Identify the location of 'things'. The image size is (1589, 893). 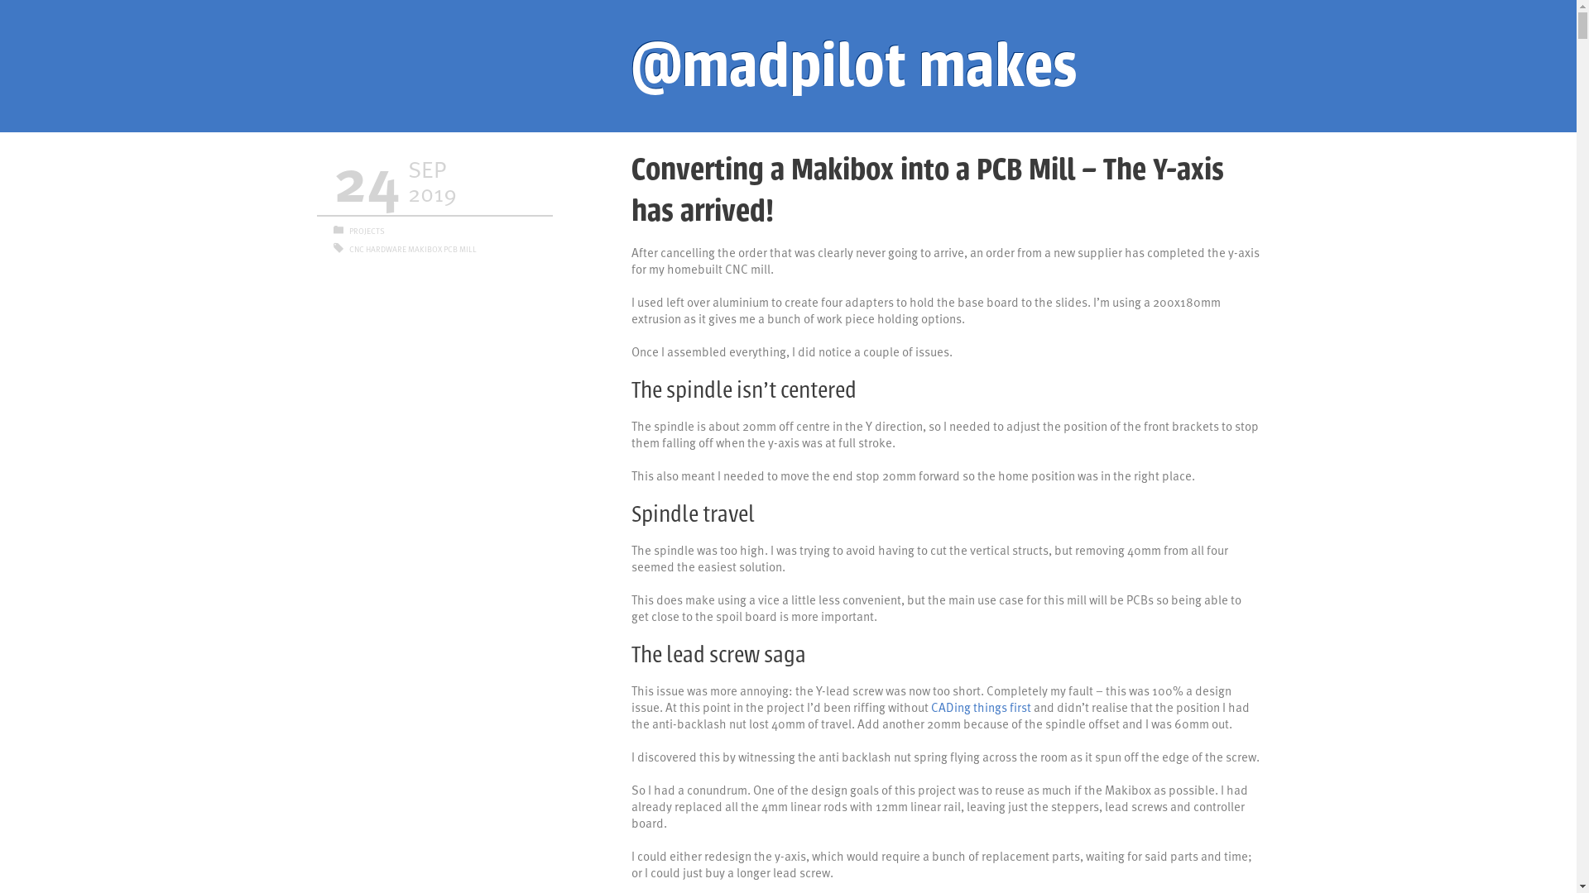
(990, 707).